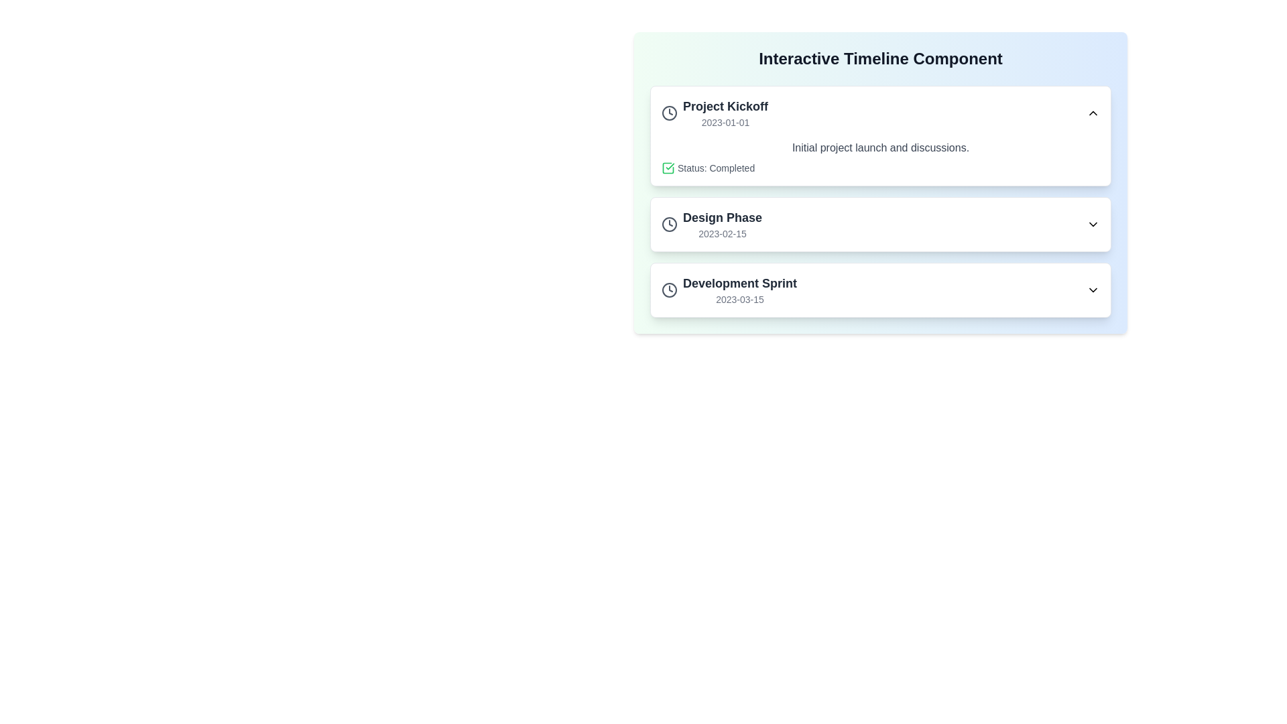 The height and width of the screenshot is (724, 1287). I want to click on the icon element that represents a specific time or date, located next to the text 'Design Phase' and '2023-02-15' in the second panel of the interactive timeline component, so click(669, 224).